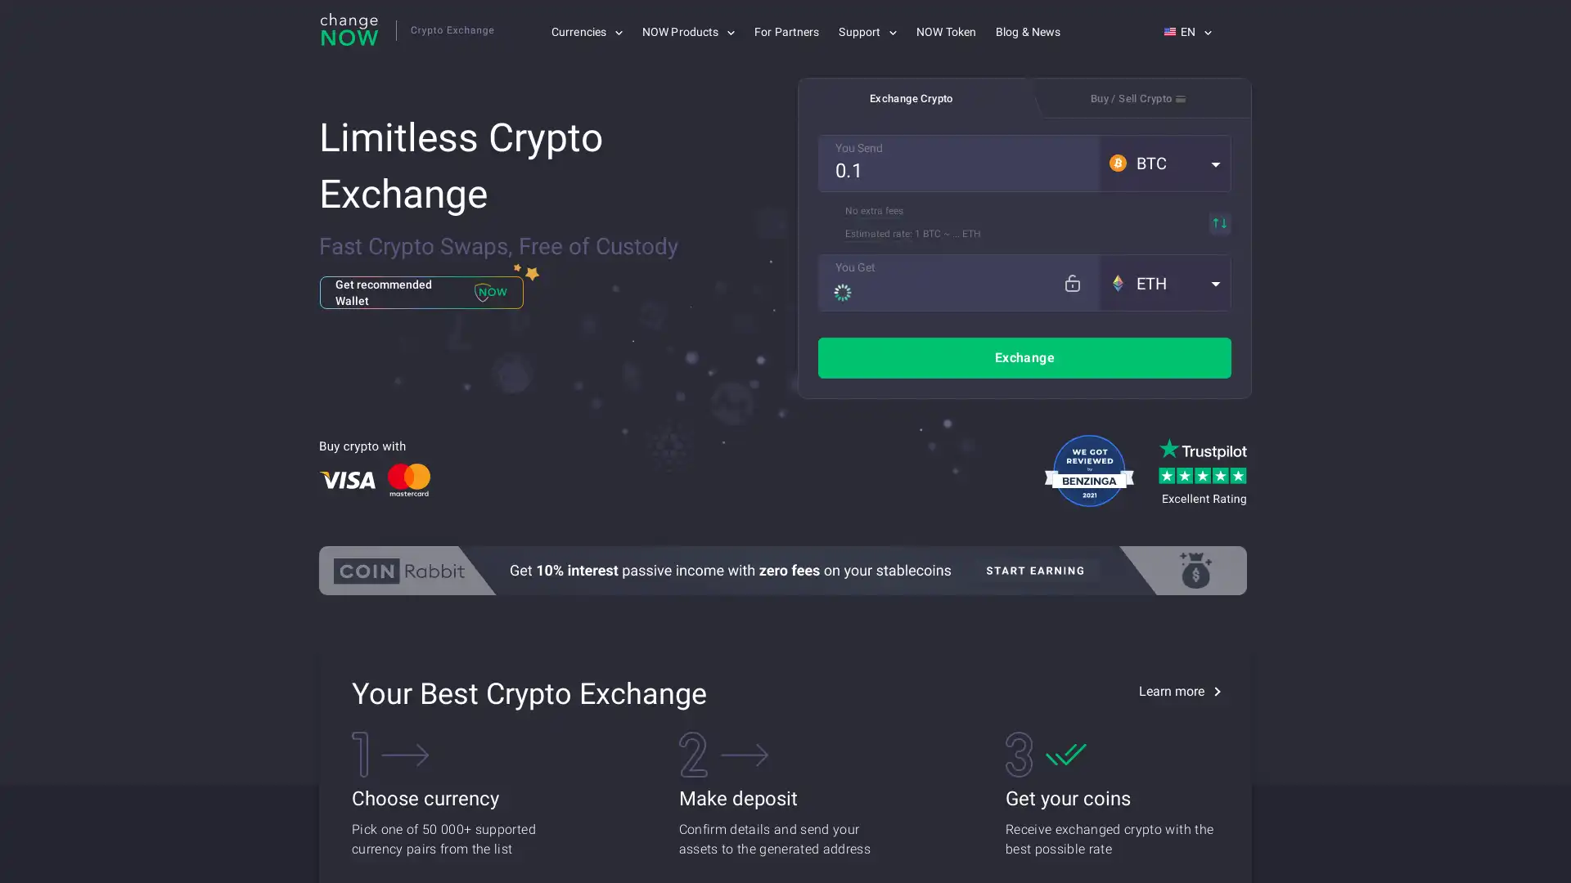  Describe the element at coordinates (878, 234) in the screenshot. I see `Estimated rate:` at that location.